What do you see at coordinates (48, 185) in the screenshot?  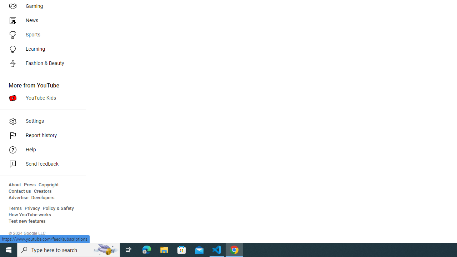 I see `'Copyright'` at bounding box center [48, 185].